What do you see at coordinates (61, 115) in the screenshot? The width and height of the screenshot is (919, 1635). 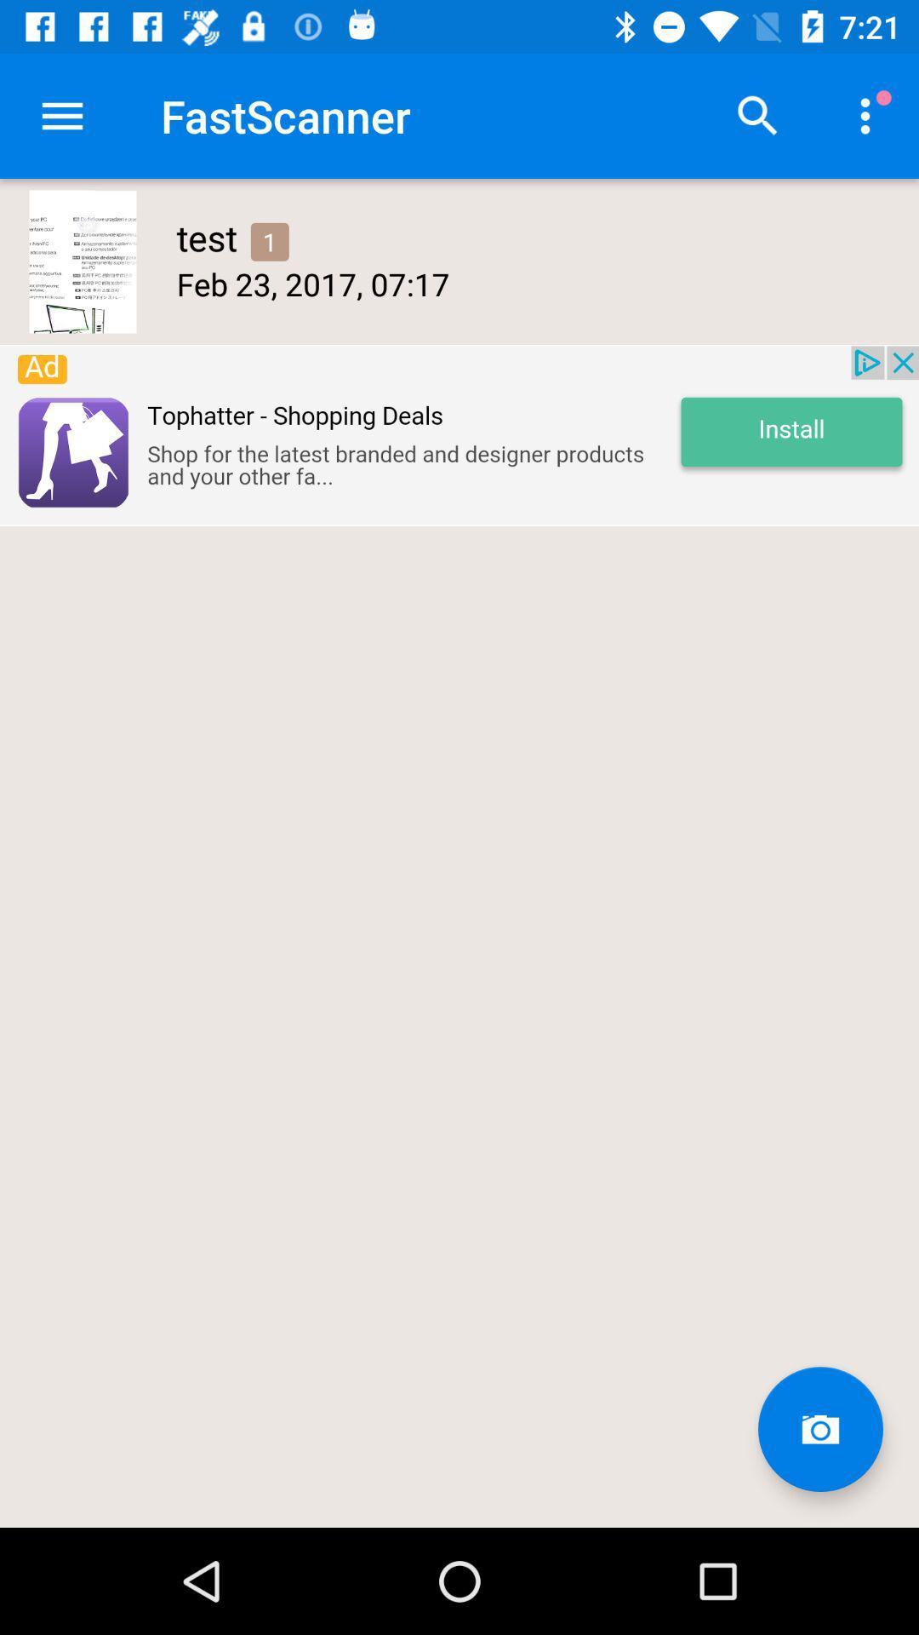 I see `open settings` at bounding box center [61, 115].